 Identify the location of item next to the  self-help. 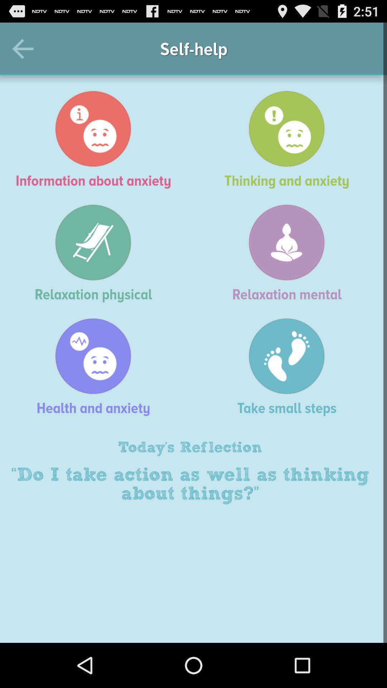
(26, 48).